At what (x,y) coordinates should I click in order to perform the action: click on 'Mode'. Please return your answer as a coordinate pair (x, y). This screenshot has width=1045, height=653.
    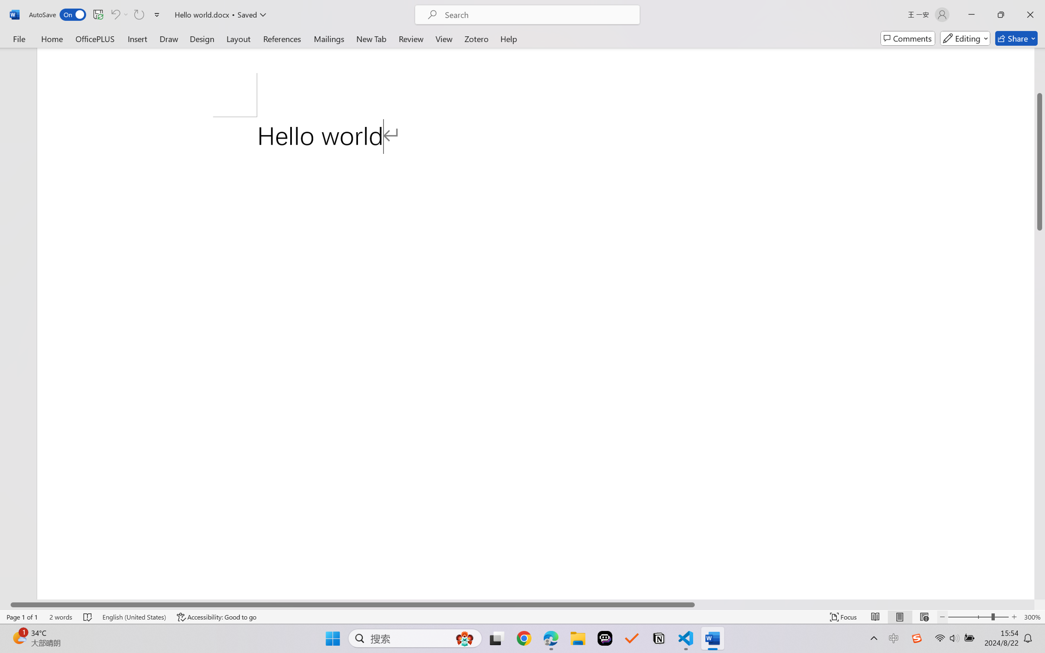
    Looking at the image, I should click on (965, 38).